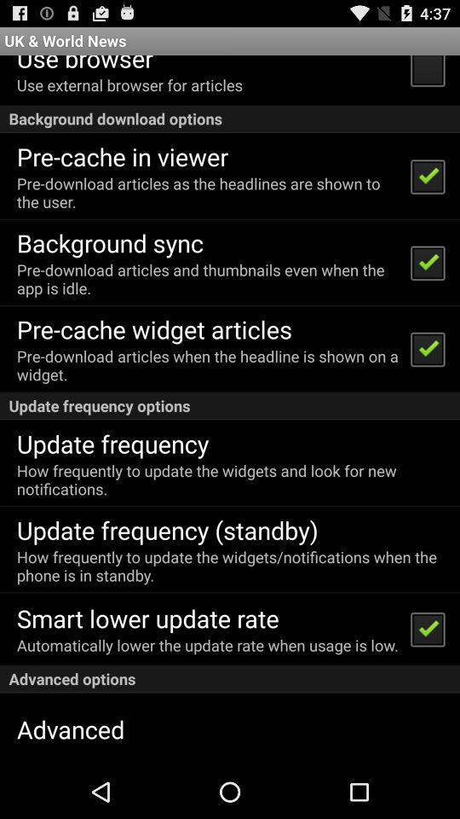  I want to click on background sync icon, so click(110, 241).